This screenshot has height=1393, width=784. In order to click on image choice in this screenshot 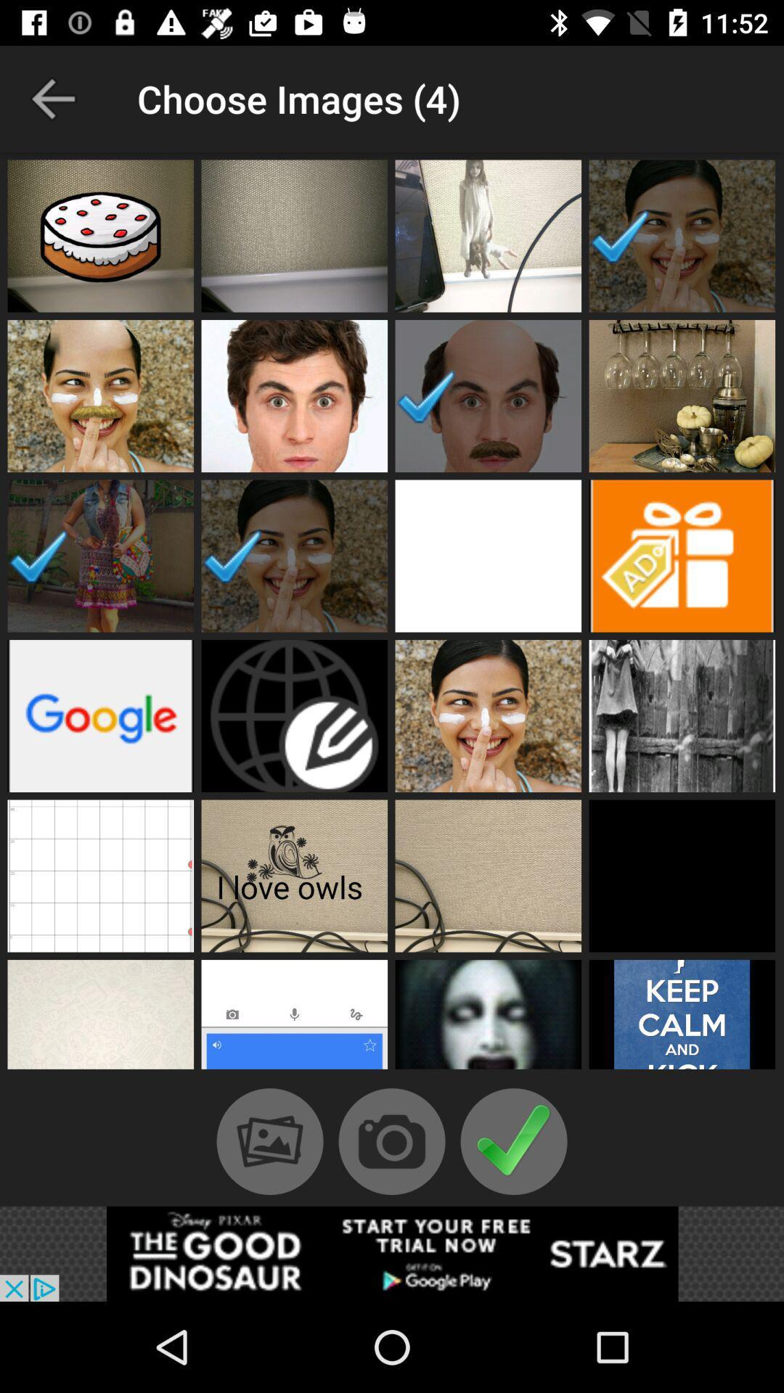, I will do `click(99, 396)`.